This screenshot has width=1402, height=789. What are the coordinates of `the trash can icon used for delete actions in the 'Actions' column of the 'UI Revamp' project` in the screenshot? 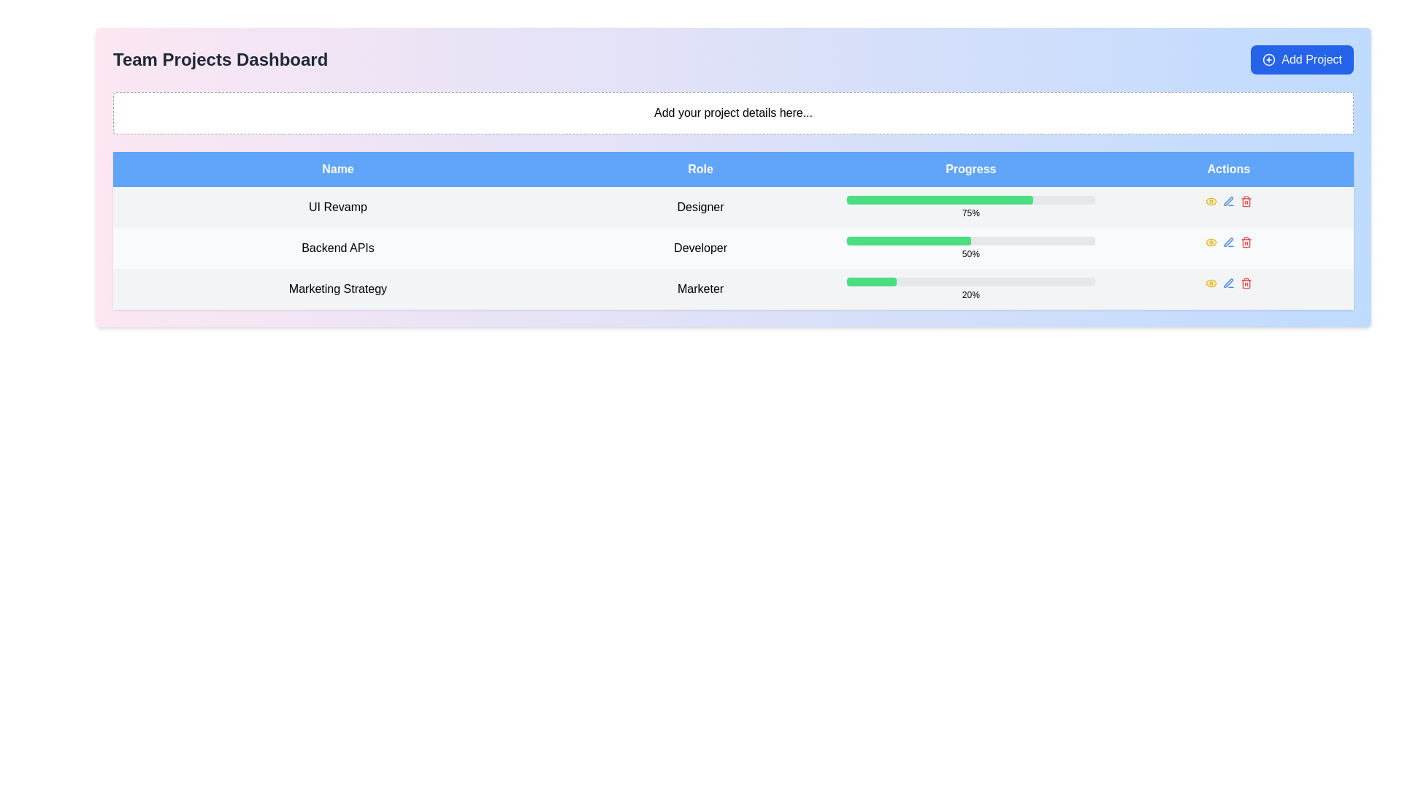 It's located at (1245, 202).